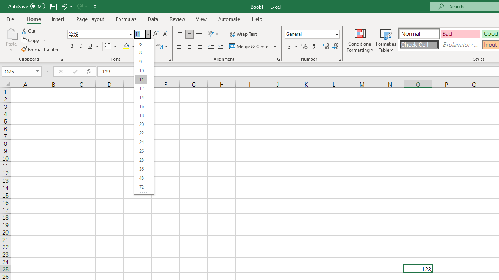 This screenshot has width=499, height=280. Describe the element at coordinates (141, 142) in the screenshot. I see `'24'` at that location.